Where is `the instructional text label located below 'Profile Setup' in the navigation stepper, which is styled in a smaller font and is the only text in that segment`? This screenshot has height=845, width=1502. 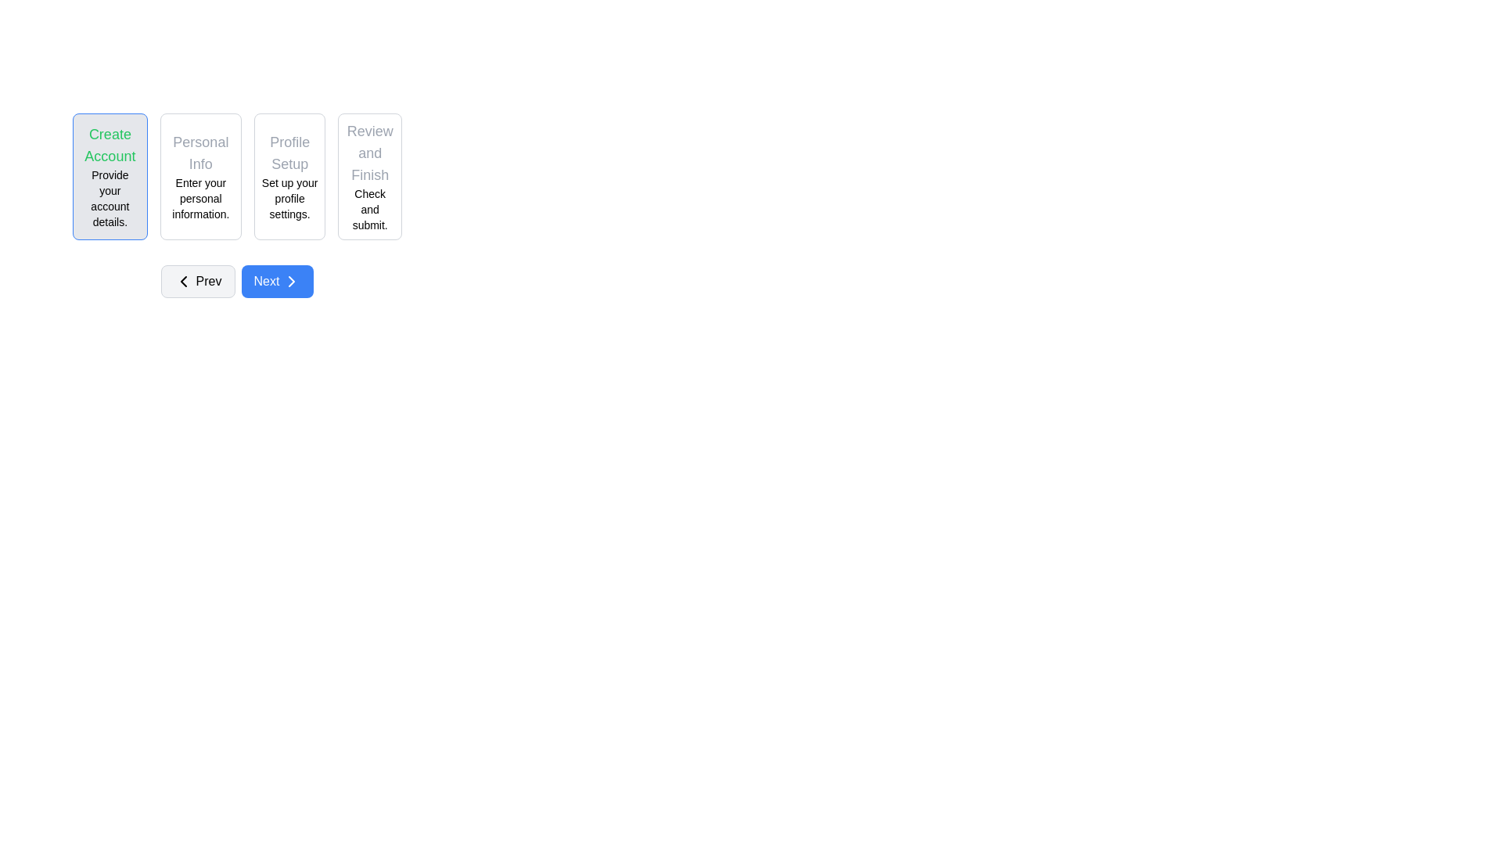
the instructional text label located below 'Profile Setup' in the navigation stepper, which is styled in a smaller font and is the only text in that segment is located at coordinates (289, 198).